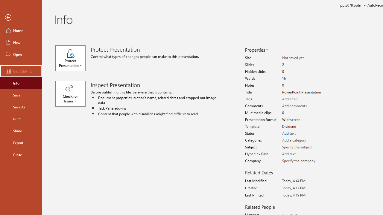 The width and height of the screenshot is (383, 215). Describe the element at coordinates (303, 92) in the screenshot. I see `'Title'` at that location.